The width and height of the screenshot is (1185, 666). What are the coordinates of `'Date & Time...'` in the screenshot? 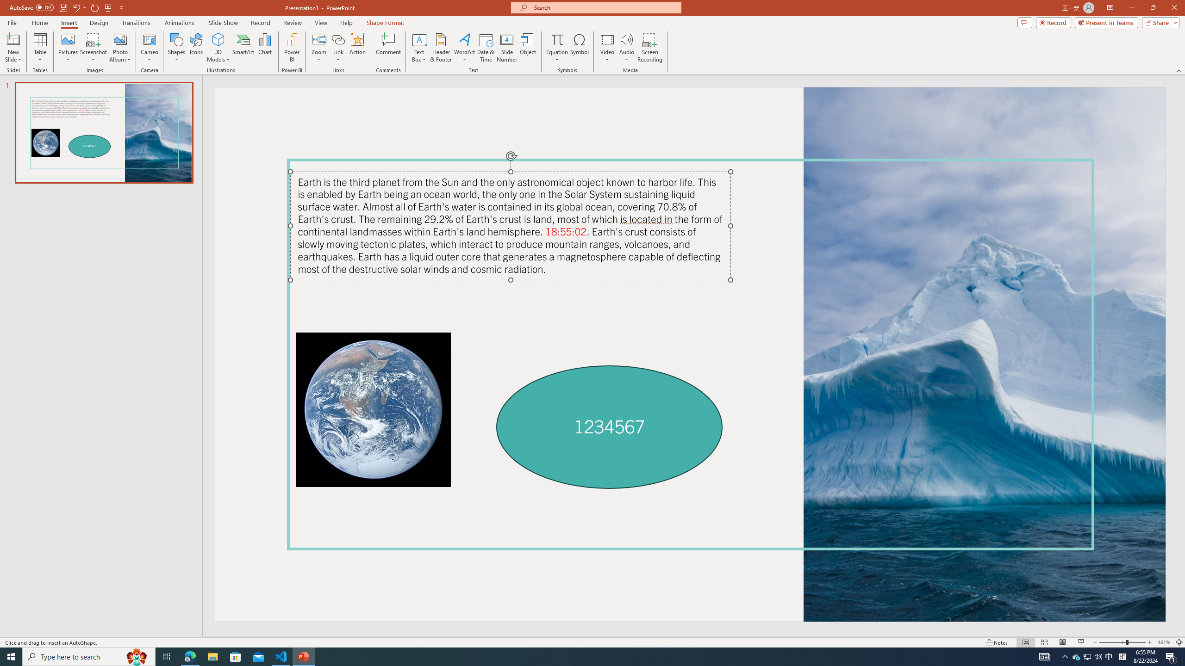 It's located at (485, 48).